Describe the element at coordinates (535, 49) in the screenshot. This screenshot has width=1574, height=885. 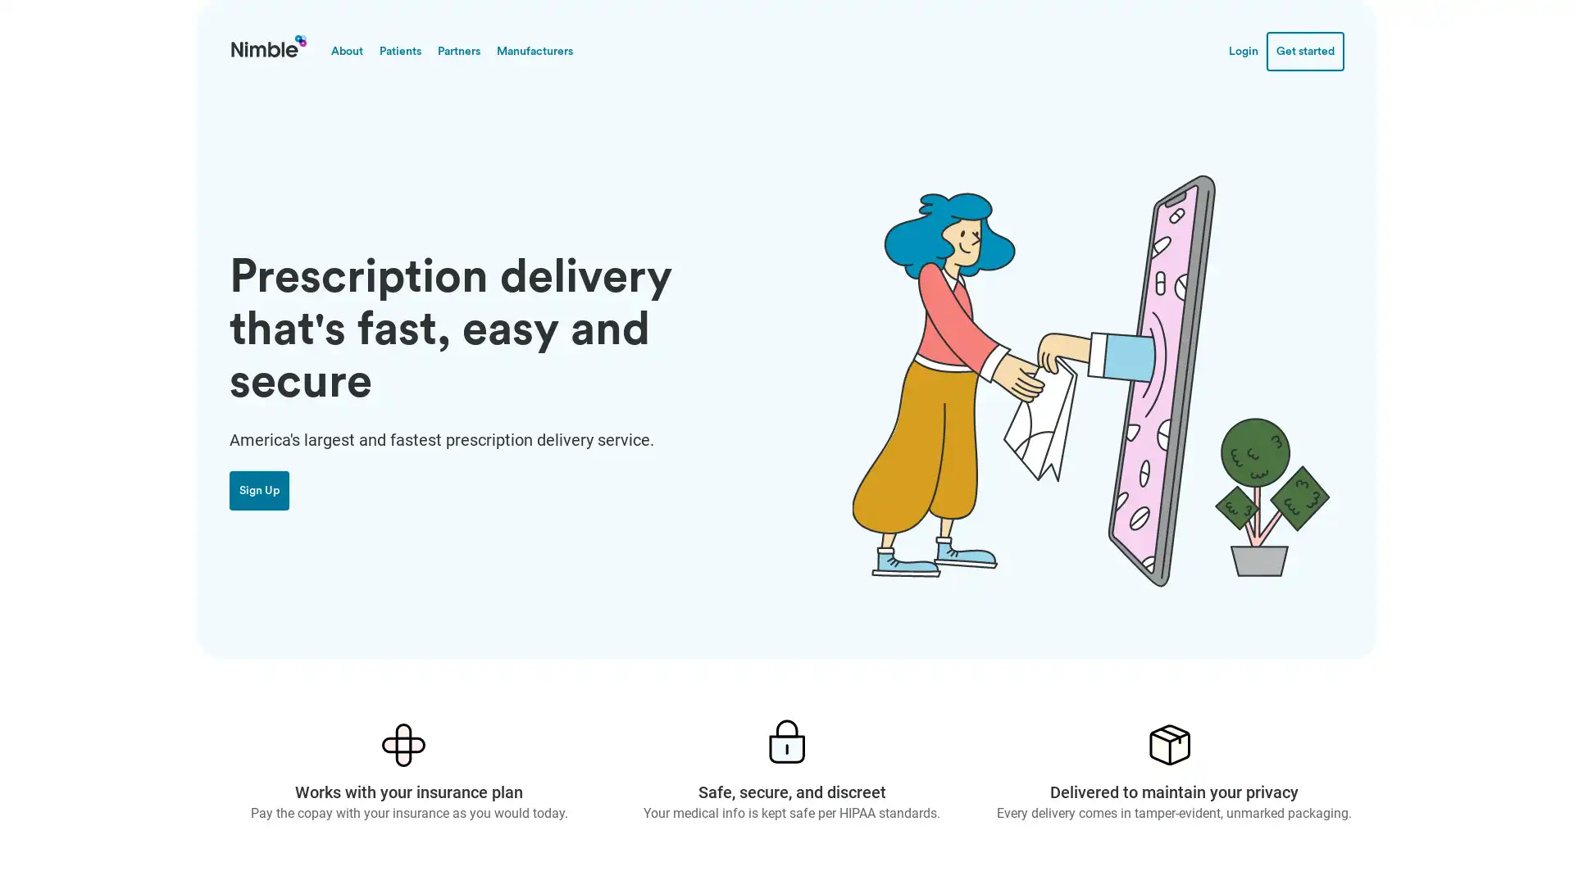
I see `Manufacturers` at that location.